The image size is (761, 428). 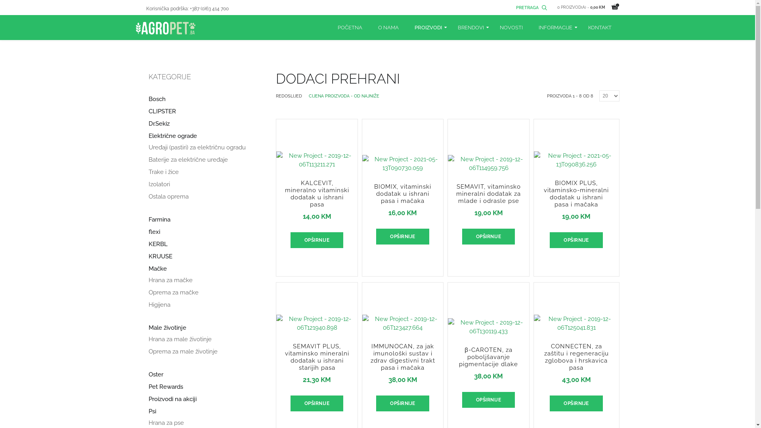 What do you see at coordinates (148, 124) in the screenshot?
I see `'Dr.Sekiz'` at bounding box center [148, 124].